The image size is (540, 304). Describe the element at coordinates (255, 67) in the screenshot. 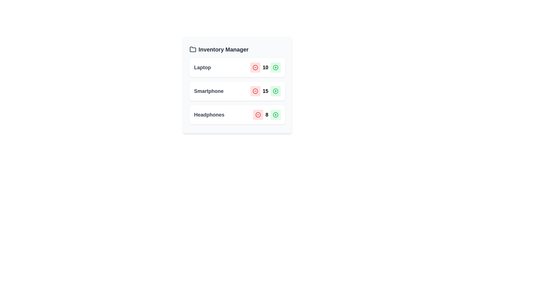

I see `minus button for the Laptop item` at that location.